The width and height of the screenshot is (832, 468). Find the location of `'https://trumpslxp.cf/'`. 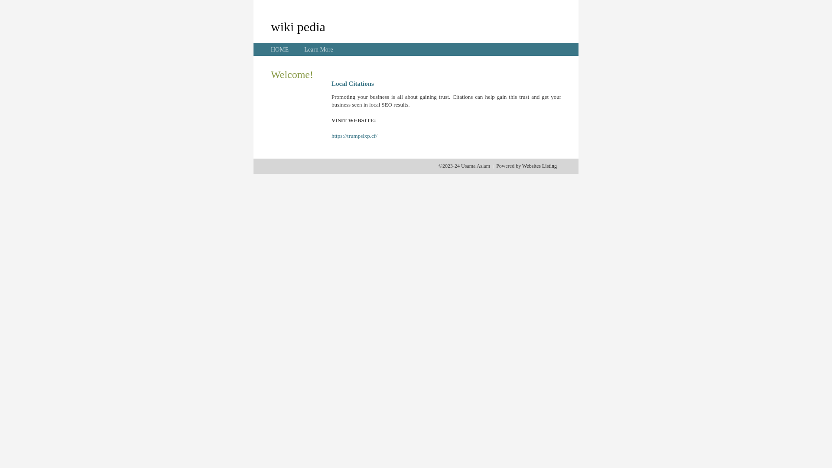

'https://trumpslxp.cf/' is located at coordinates (354, 136).